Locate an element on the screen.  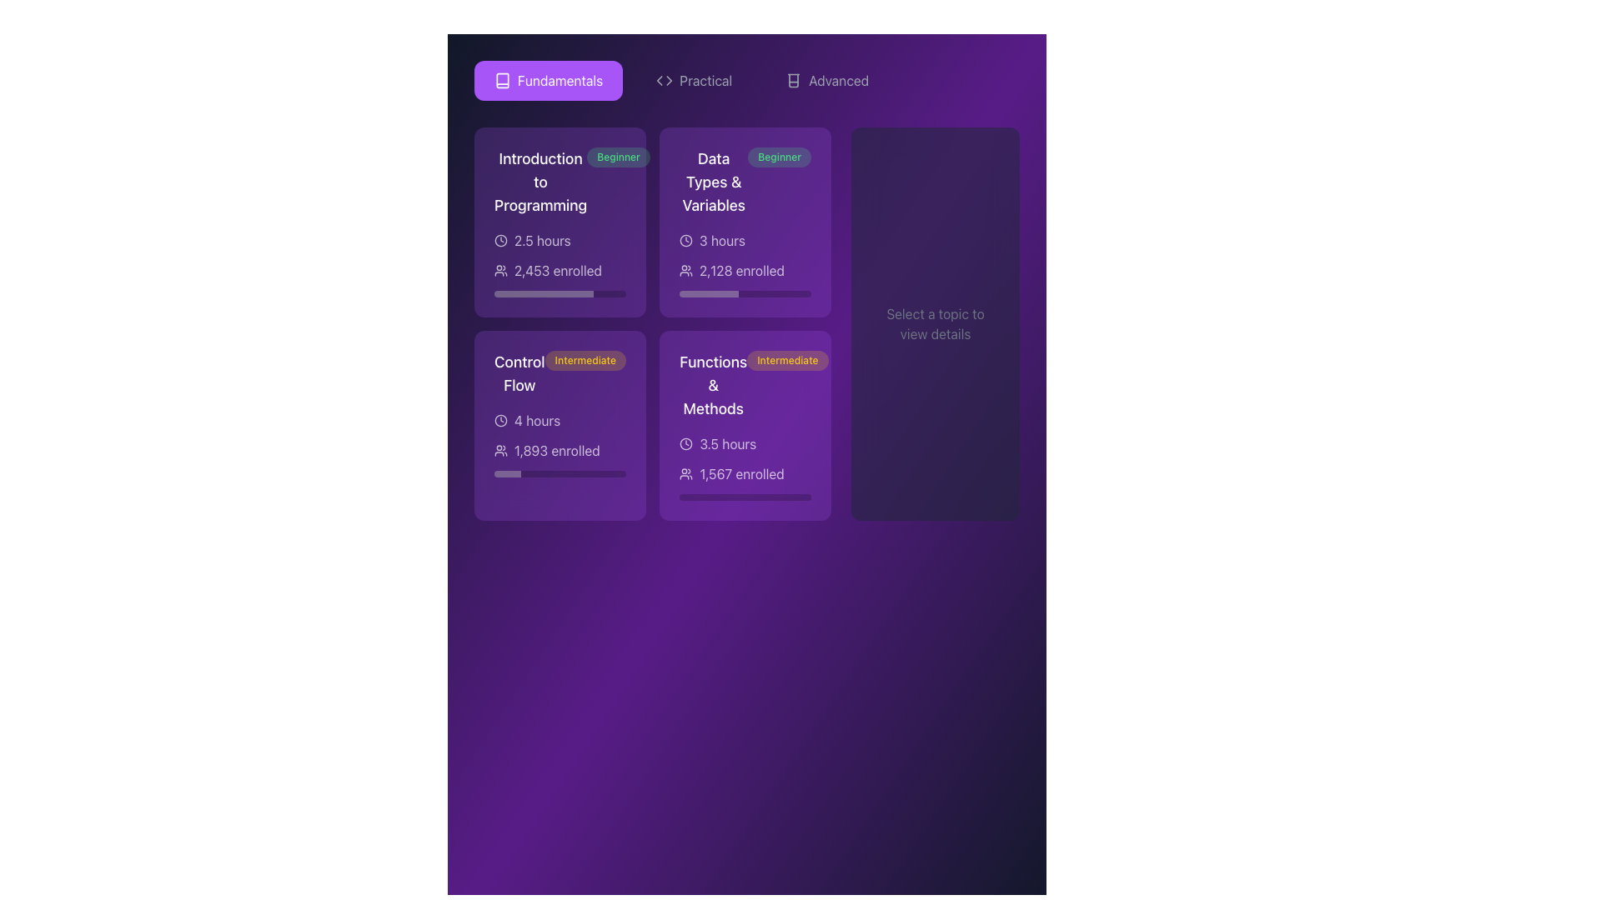
the purple button labeled 'Fundamentals' with a book icon on the left is located at coordinates (548, 80).